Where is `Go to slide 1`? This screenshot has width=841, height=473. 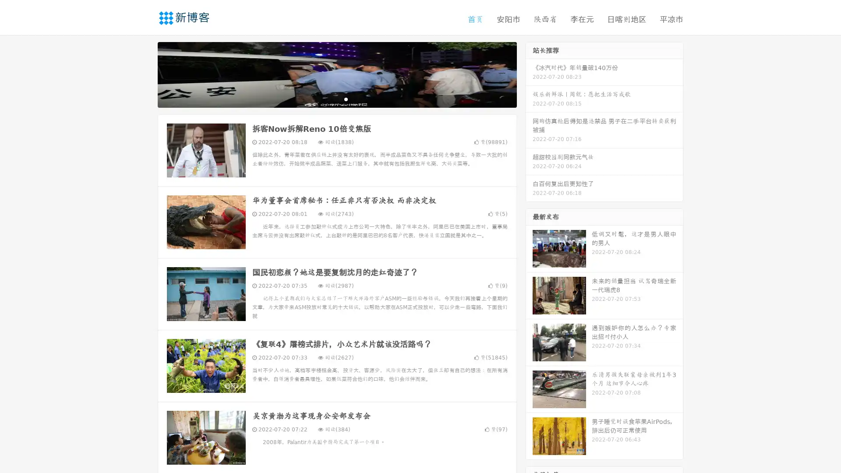
Go to slide 1 is located at coordinates (328, 99).